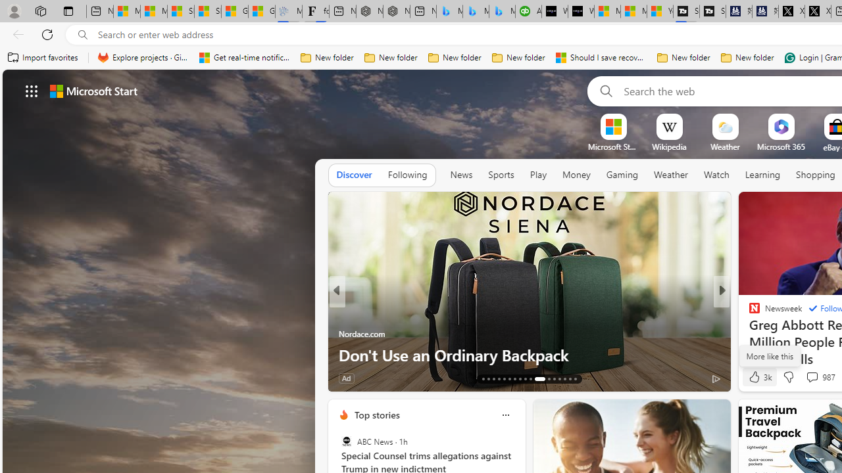 The height and width of the screenshot is (473, 842). What do you see at coordinates (498, 379) in the screenshot?
I see `'AutomationID: tab-16'` at bounding box center [498, 379].